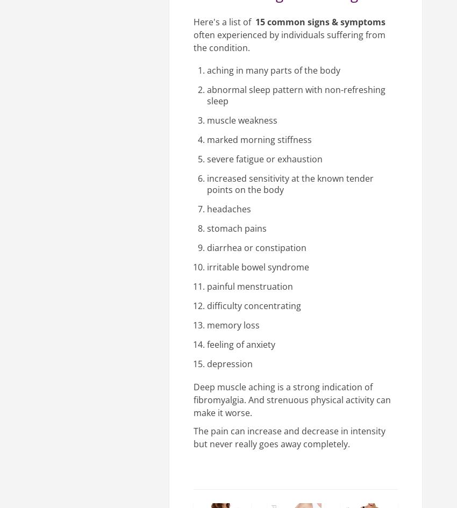  Describe the element at coordinates (249, 285) in the screenshot. I see `'painful menstruation'` at that location.